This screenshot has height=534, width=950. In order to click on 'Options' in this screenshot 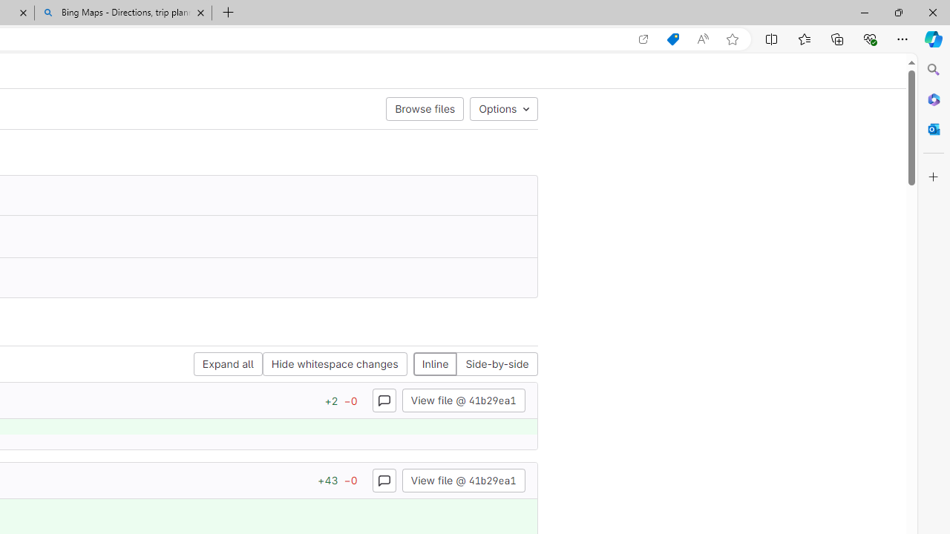, I will do `click(504, 108)`.